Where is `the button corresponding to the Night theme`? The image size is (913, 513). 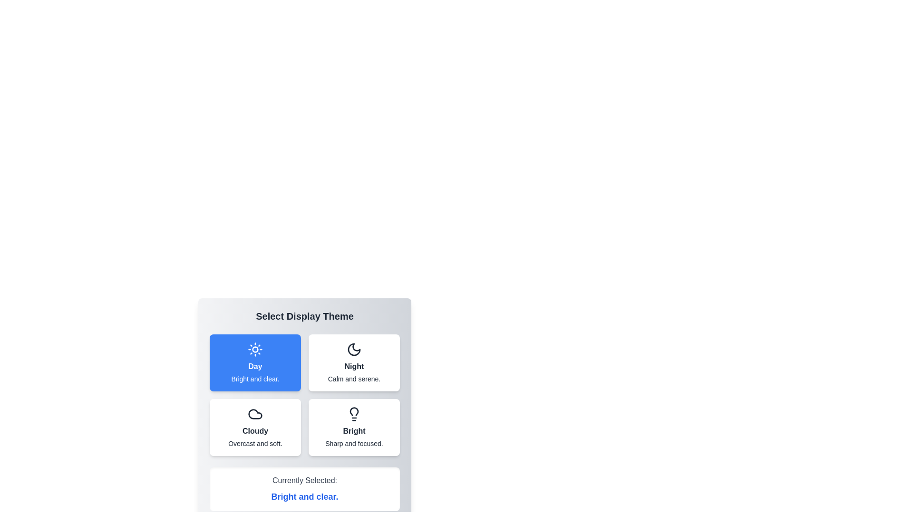
the button corresponding to the Night theme is located at coordinates (353, 362).